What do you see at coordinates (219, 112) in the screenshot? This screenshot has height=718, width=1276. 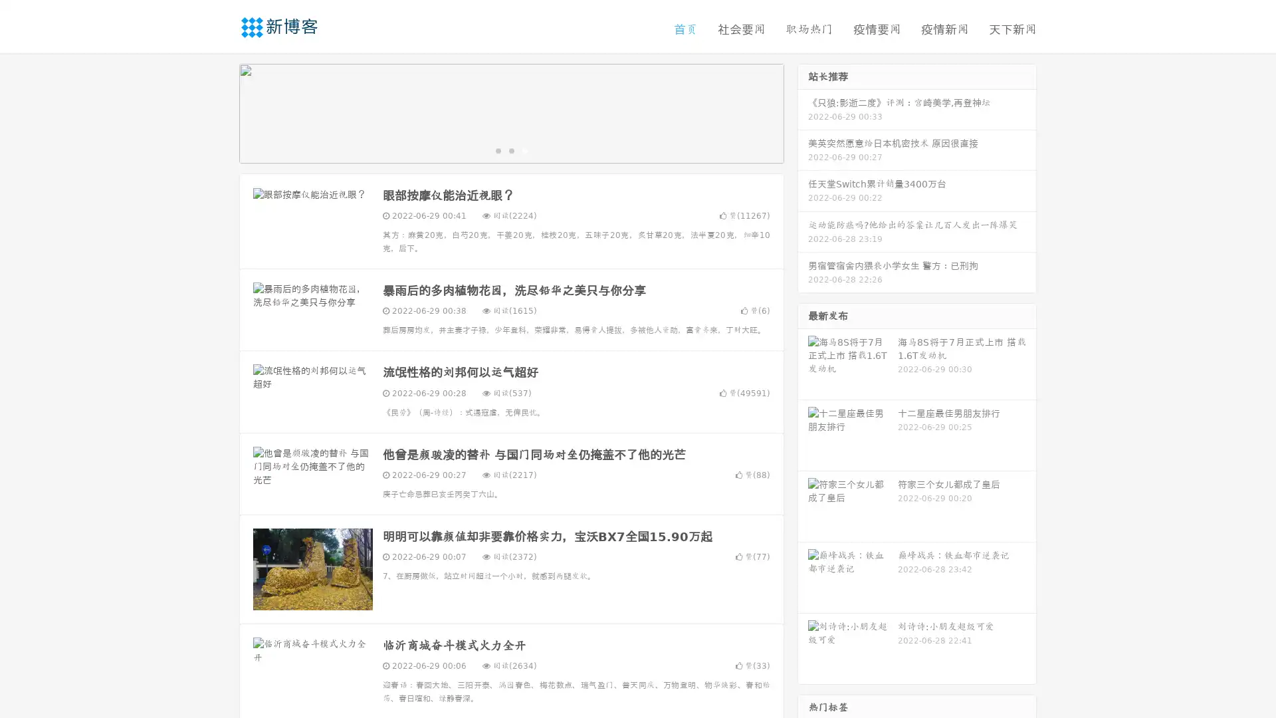 I see `Previous slide` at bounding box center [219, 112].